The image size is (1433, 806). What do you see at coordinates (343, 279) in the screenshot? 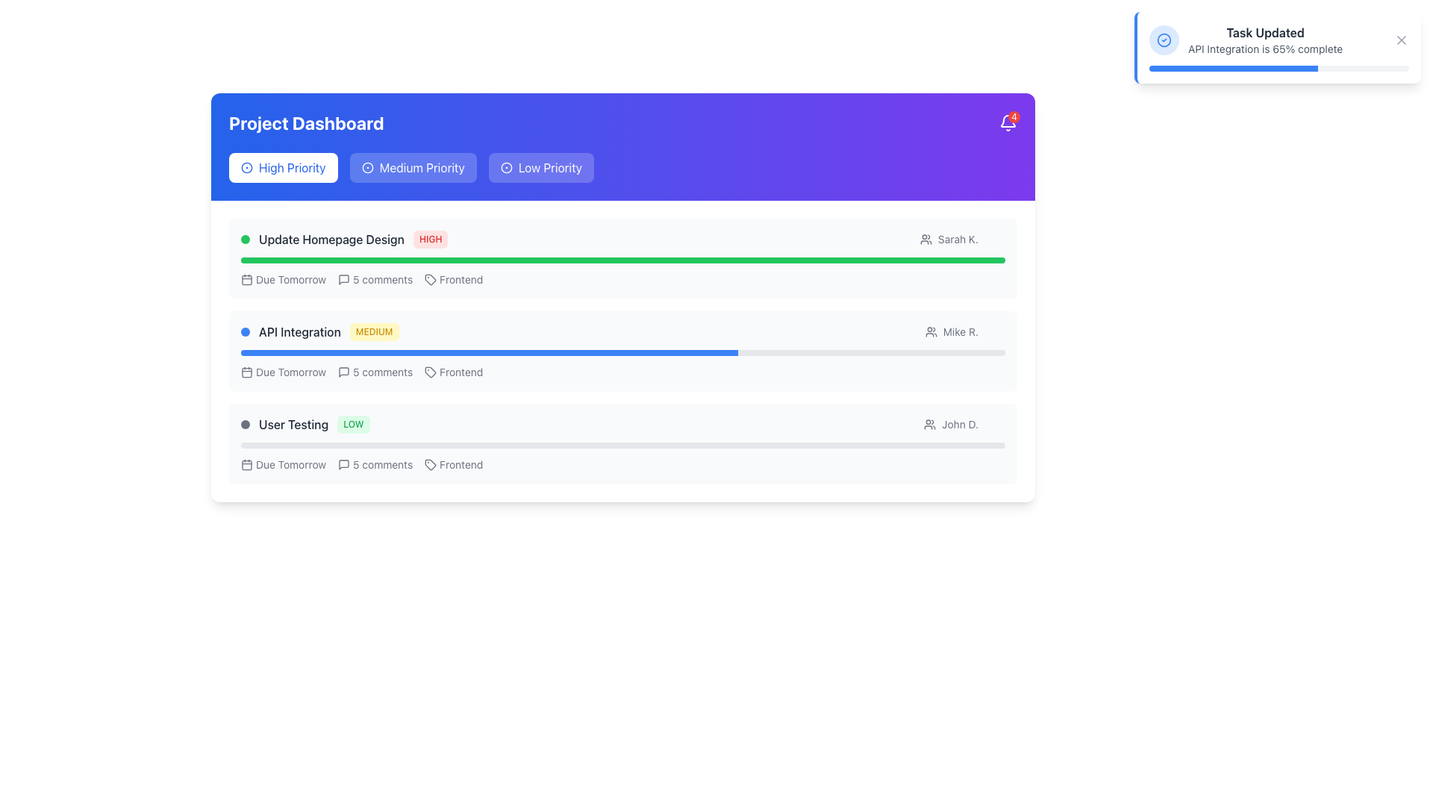
I see `the speech bubble SVG icon representing comments, located to the left of the '5 comments' text in the second row of the list items` at bounding box center [343, 279].